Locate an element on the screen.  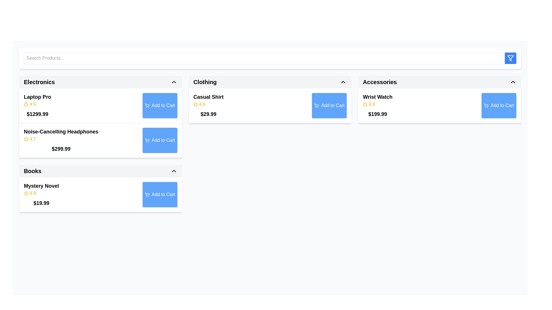
the product details by reading the contents of the 'Wrist Watch' card component located in the Accessories section is located at coordinates (439, 106).